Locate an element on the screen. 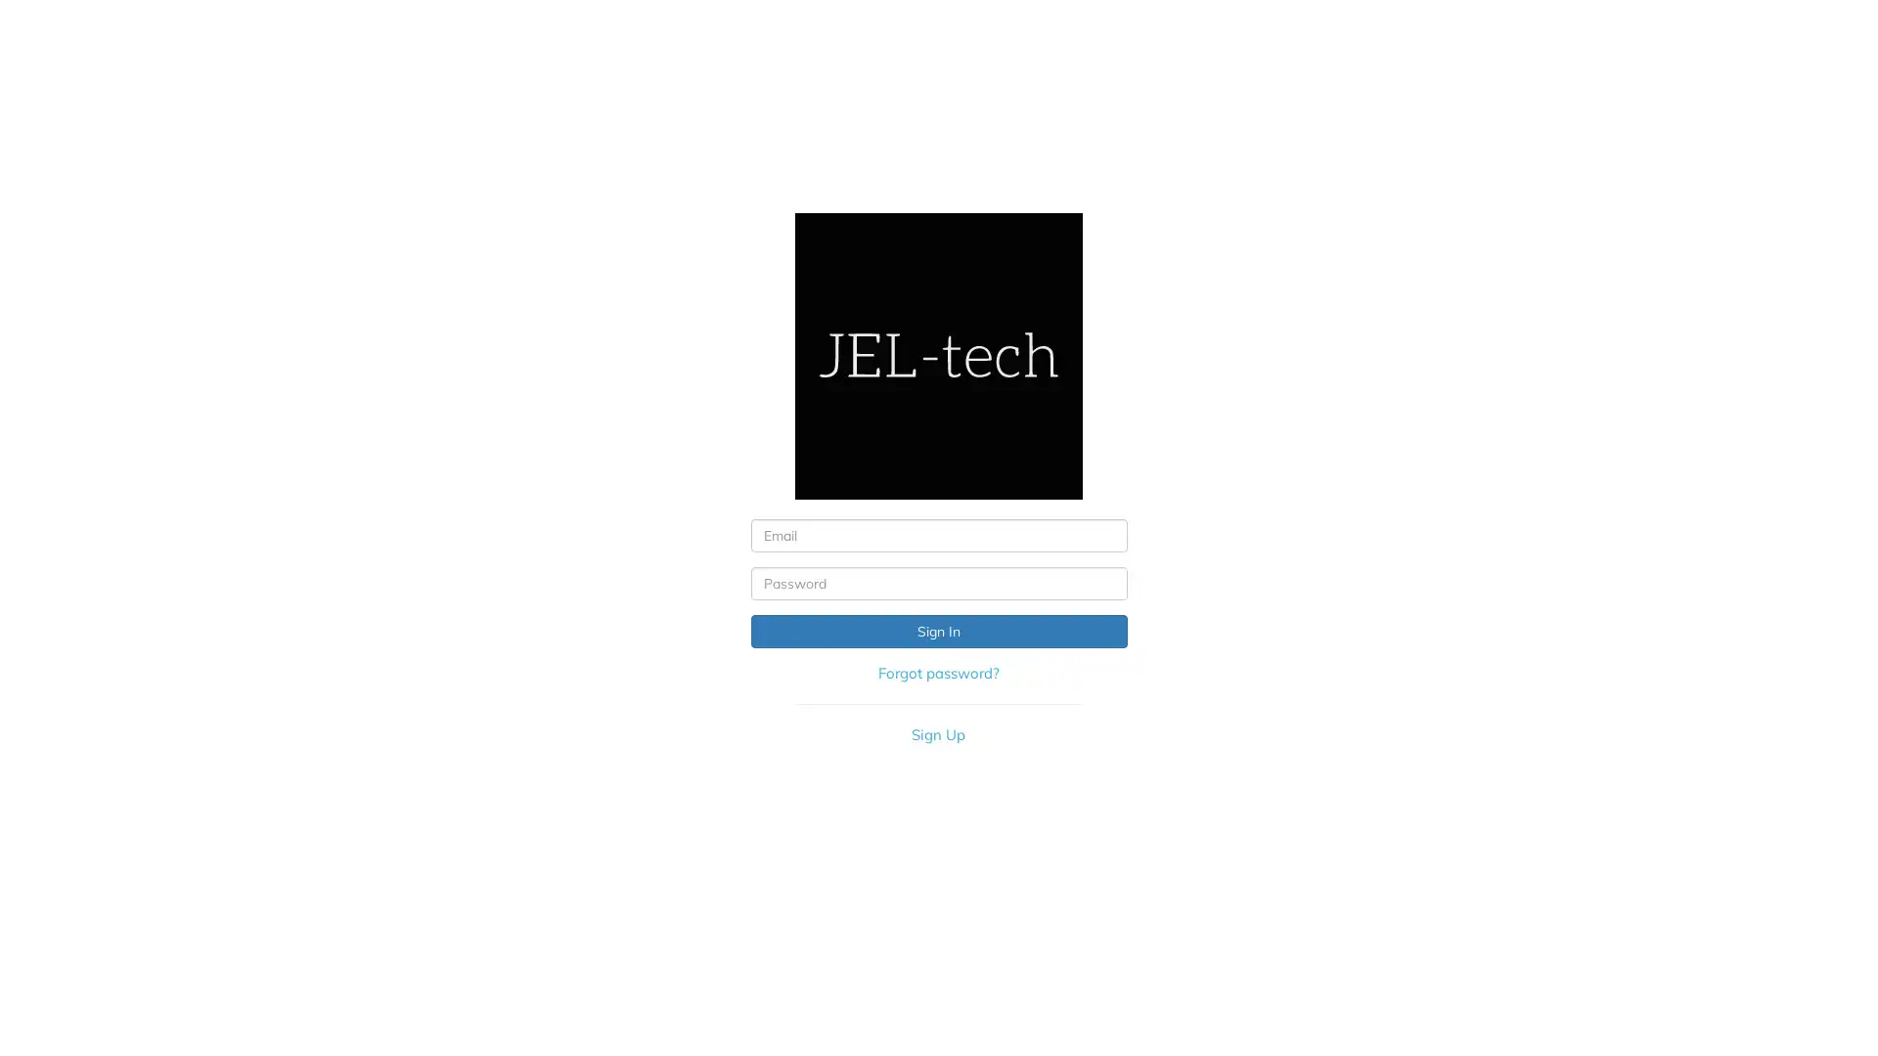 Image resolution: width=1878 pixels, height=1056 pixels. Sign In is located at coordinates (937, 631).